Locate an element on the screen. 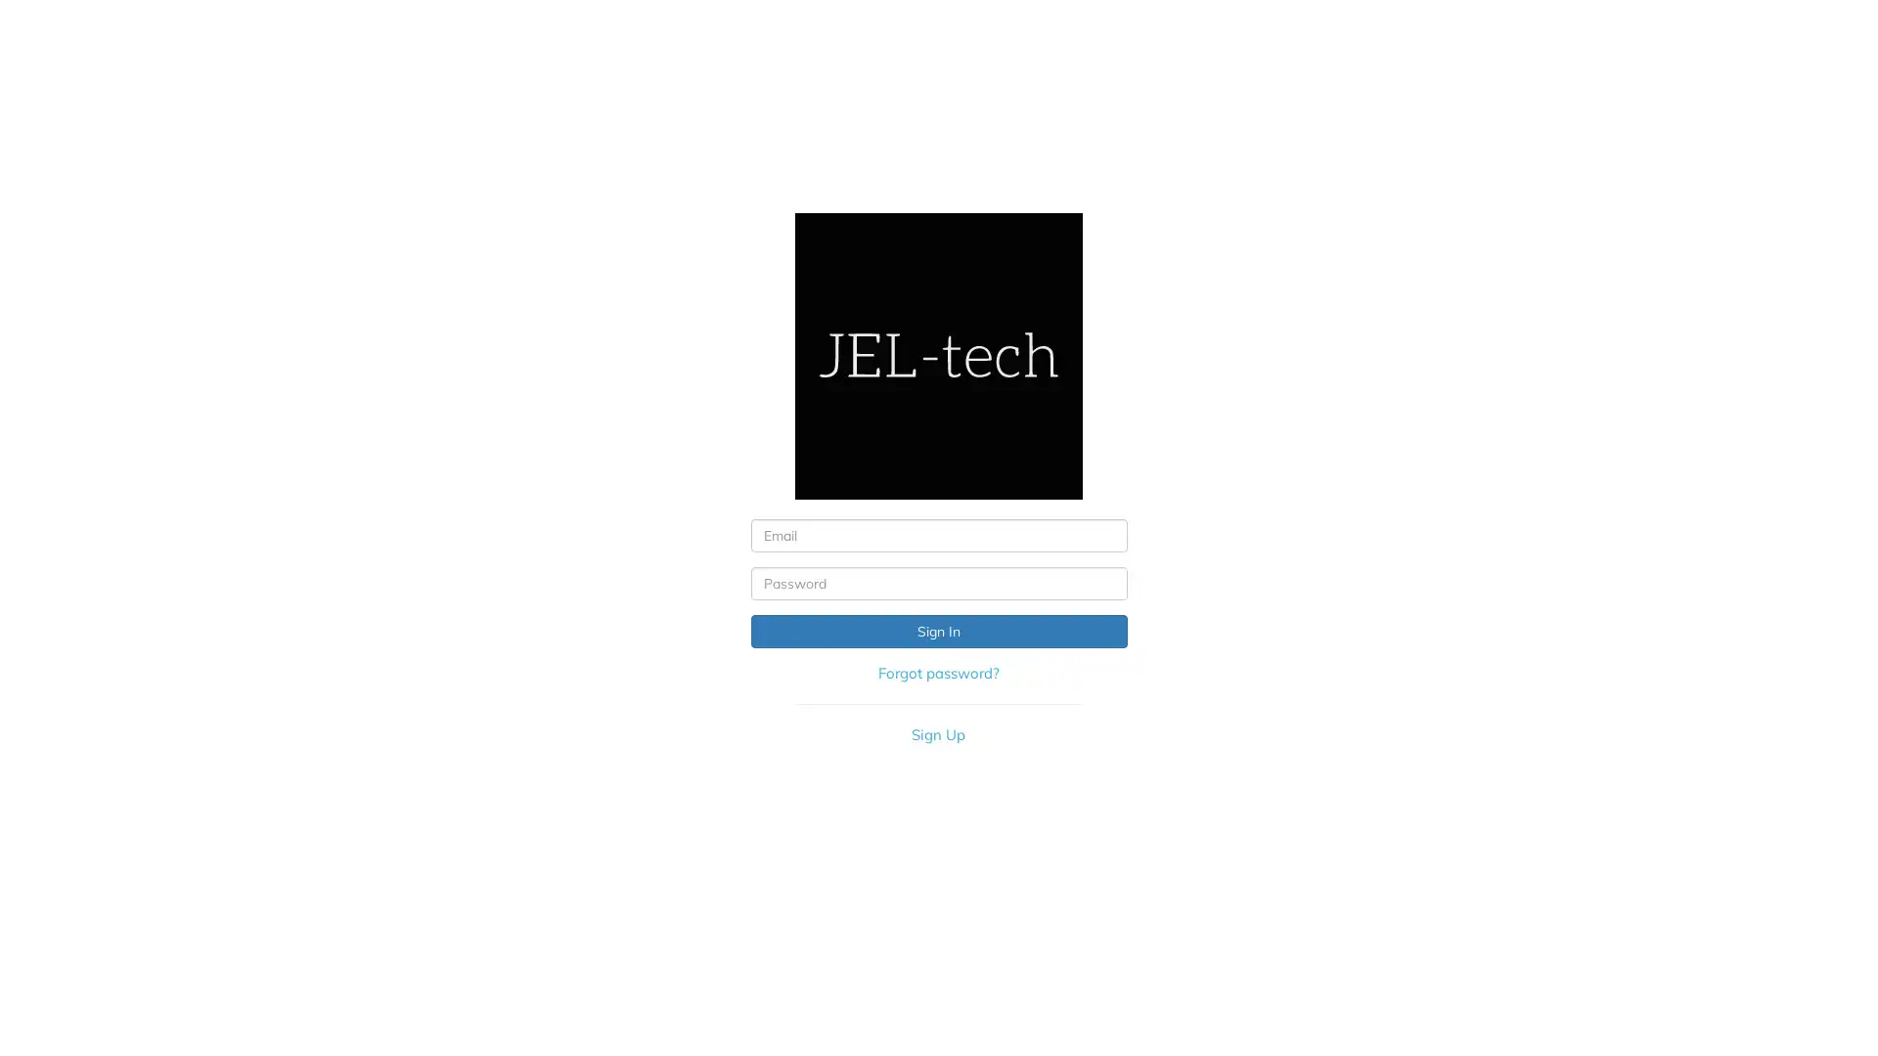 Image resolution: width=1878 pixels, height=1056 pixels. Sign In is located at coordinates (937, 631).